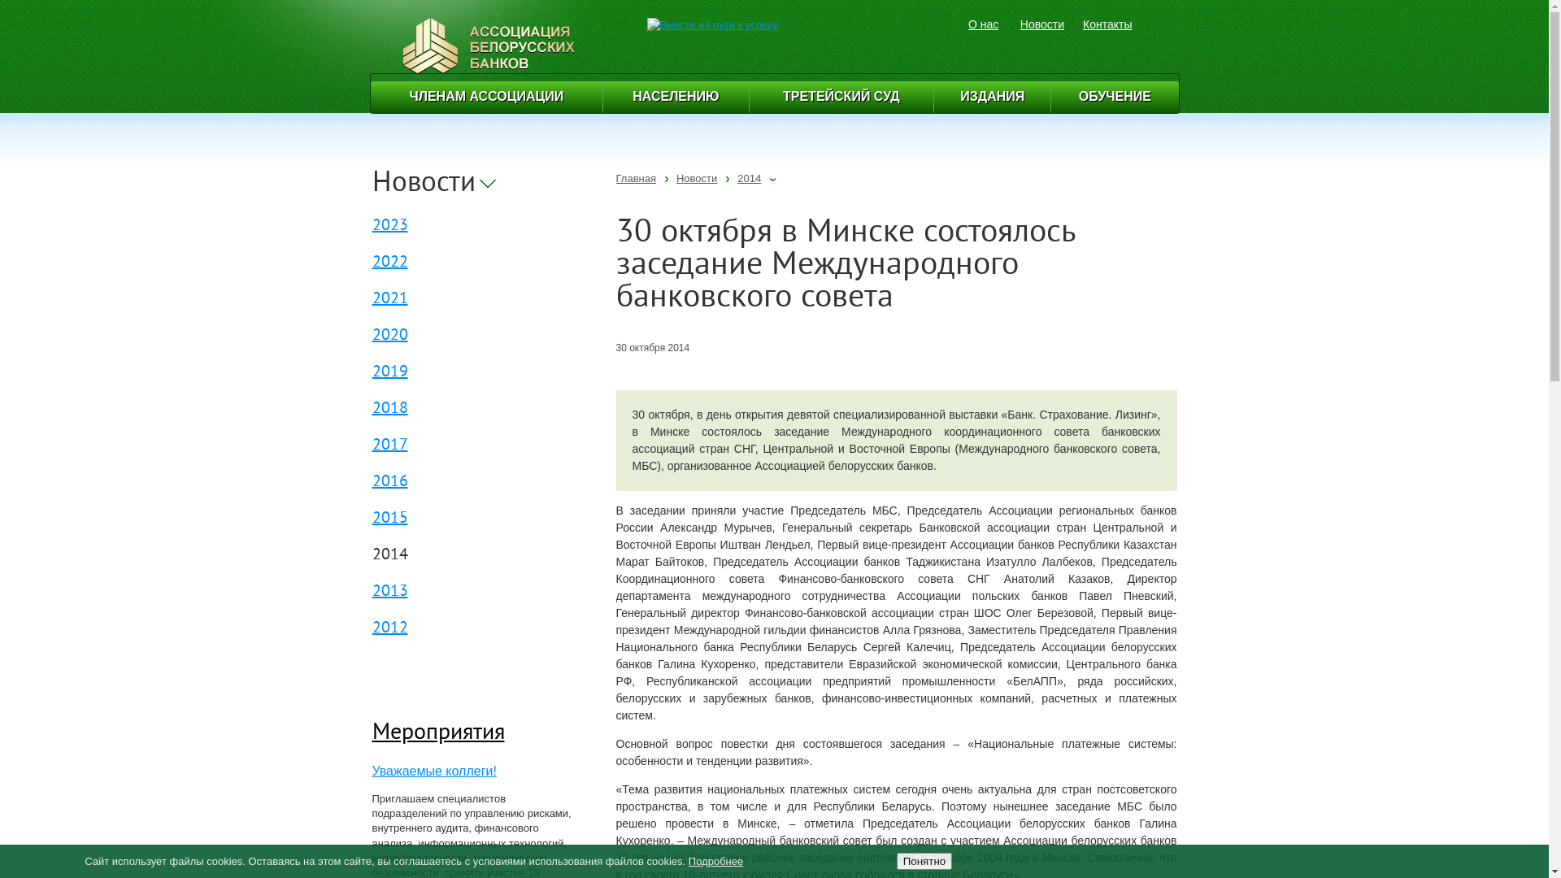 The image size is (1561, 878). Describe the element at coordinates (390, 262) in the screenshot. I see `'2022'` at that location.